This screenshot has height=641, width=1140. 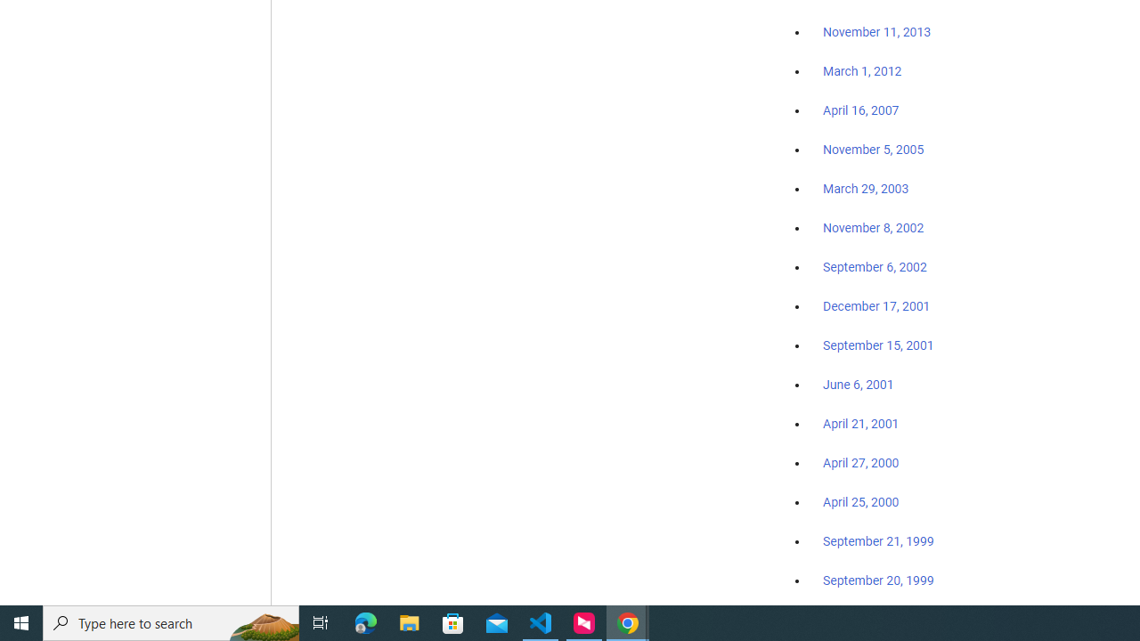 I want to click on 'April 16, 2007', so click(x=861, y=110).